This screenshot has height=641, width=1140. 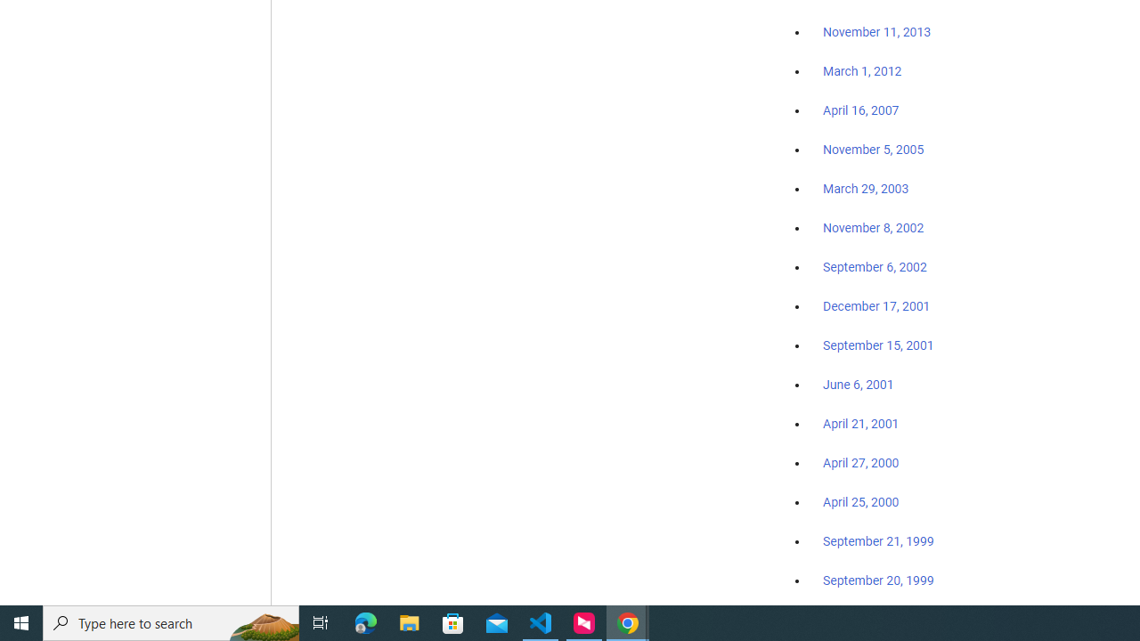 I want to click on 'April 16, 2007', so click(x=861, y=110).